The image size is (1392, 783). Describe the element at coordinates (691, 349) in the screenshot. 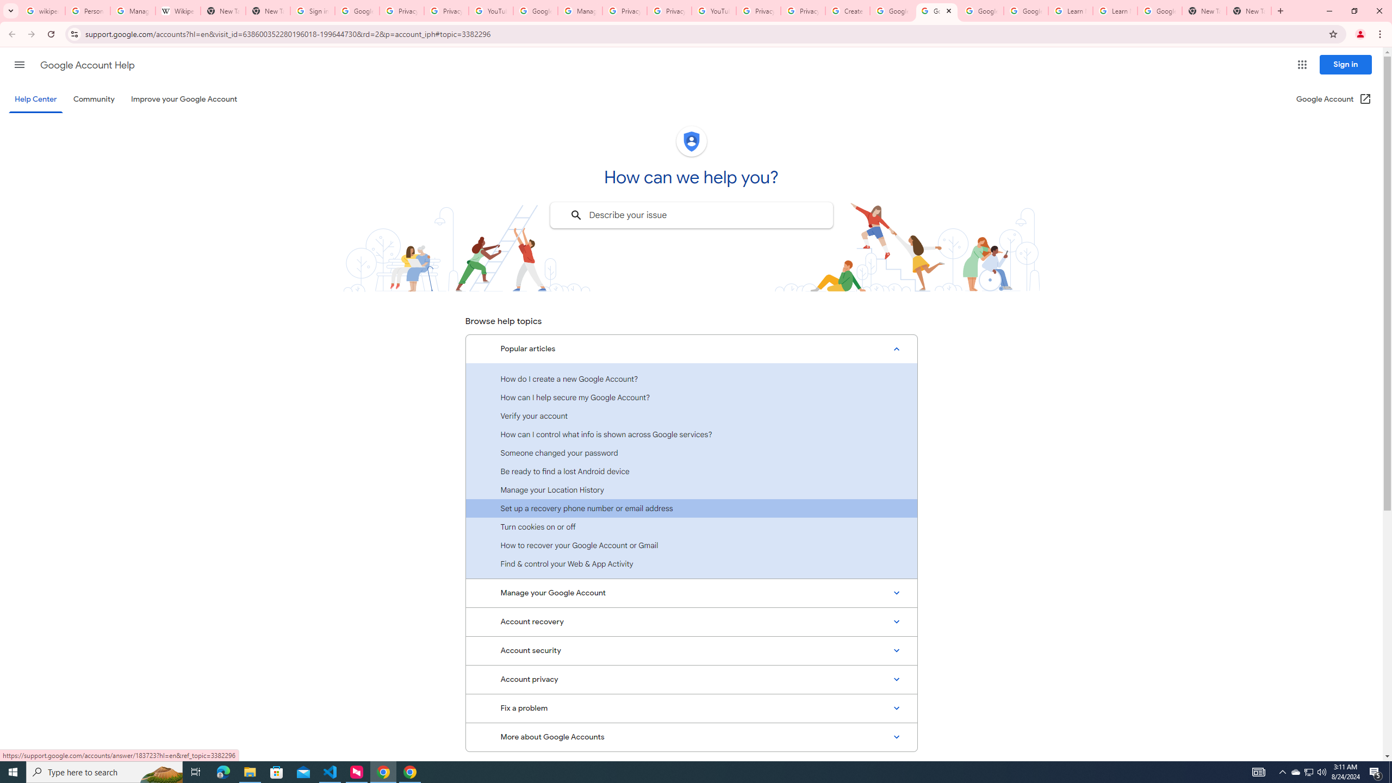

I see `'Popular articles, Expanded list with 11 items'` at that location.